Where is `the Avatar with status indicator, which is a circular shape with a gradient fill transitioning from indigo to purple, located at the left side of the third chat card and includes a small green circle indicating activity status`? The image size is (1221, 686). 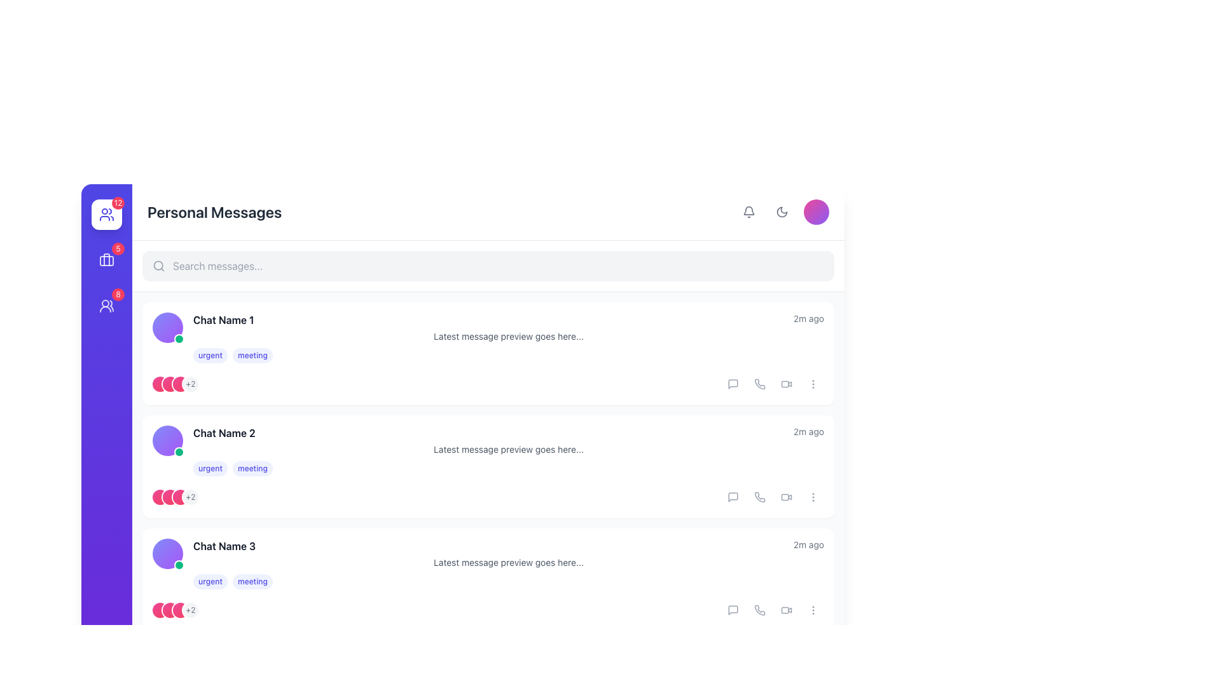
the Avatar with status indicator, which is a circular shape with a gradient fill transitioning from indigo to purple, located at the left side of the third chat card and includes a small green circle indicating activity status is located at coordinates (167, 553).